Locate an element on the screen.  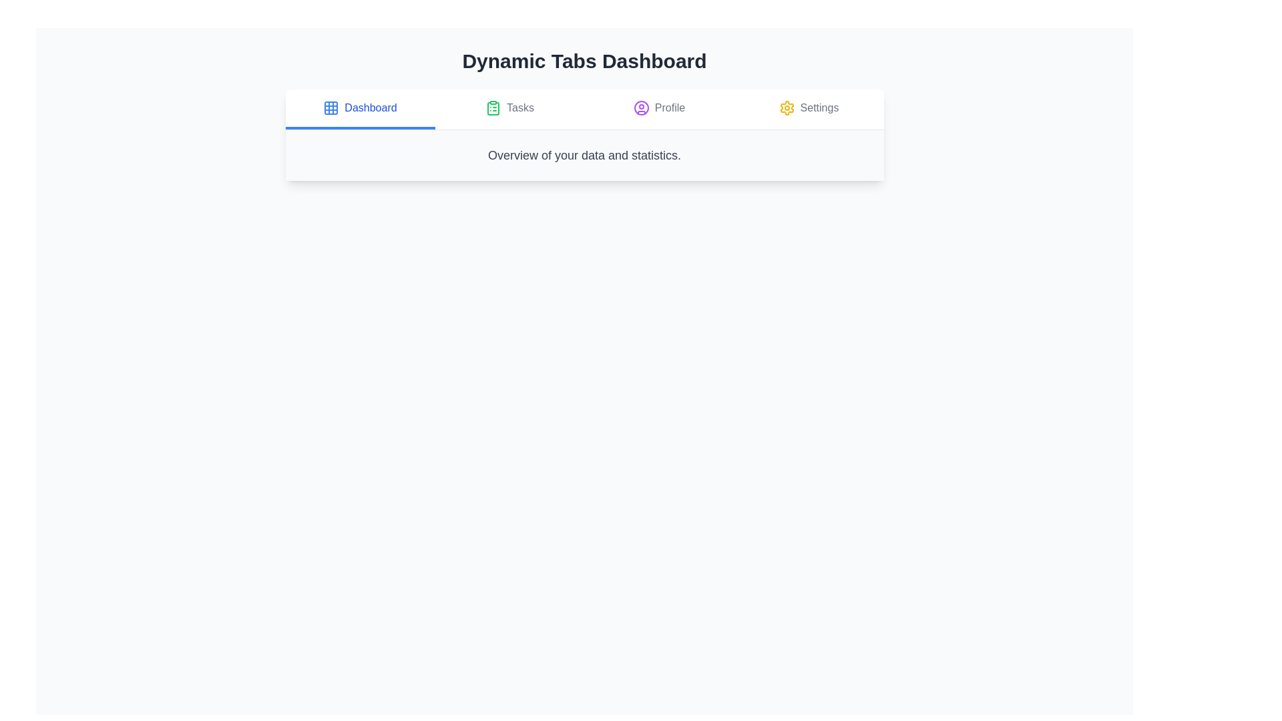
the light blue rounded rectangle icon in the top-left corner of the 3x3 grid icon is located at coordinates (331, 107).